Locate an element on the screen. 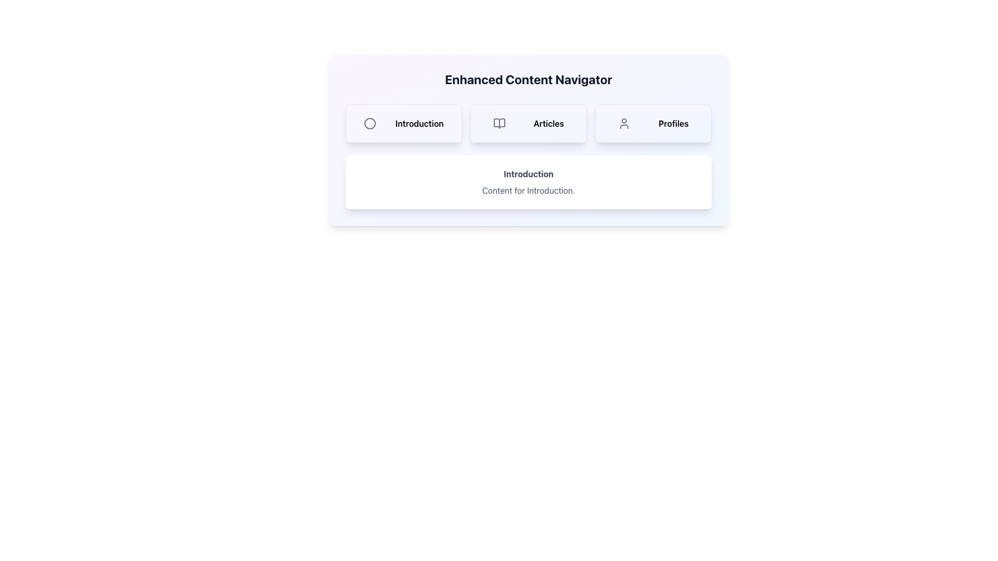  the user account icon represented by a simplified profile silhouette located in the 'Profiles' section of the navigation bar is located at coordinates (624, 123).